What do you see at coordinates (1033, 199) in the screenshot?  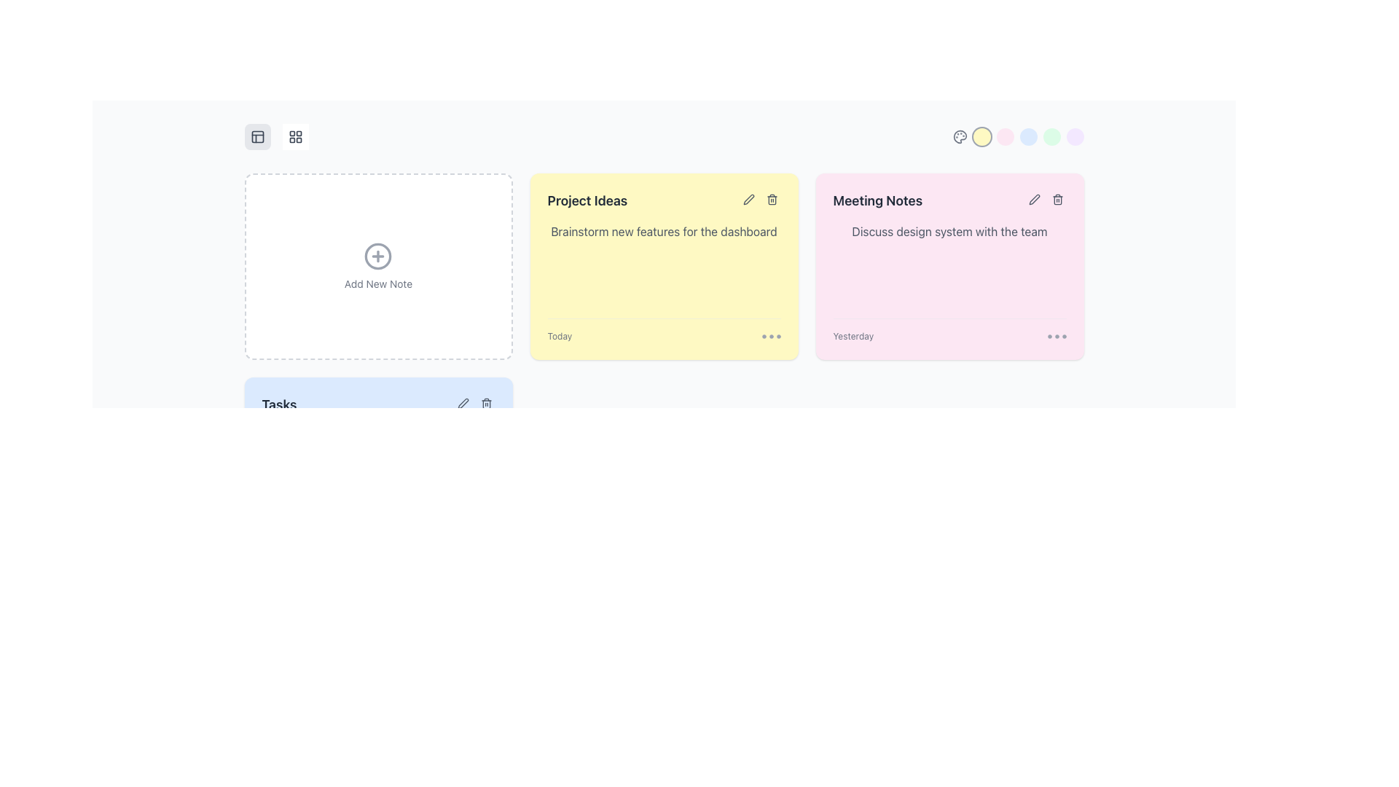 I see `the pen icon button located at the top right of the 'Meeting Notes' card` at bounding box center [1033, 199].